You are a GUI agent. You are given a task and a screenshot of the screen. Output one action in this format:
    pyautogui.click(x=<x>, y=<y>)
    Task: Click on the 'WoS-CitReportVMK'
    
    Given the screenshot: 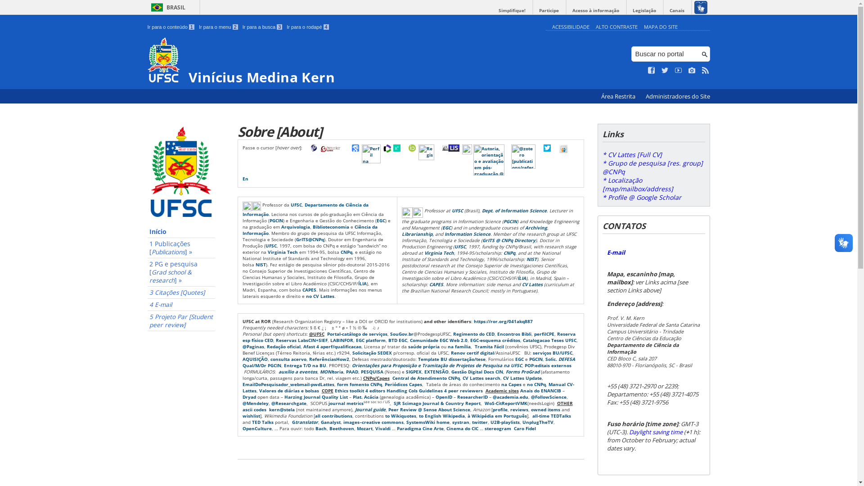 What is the action you would take?
    pyautogui.click(x=505, y=402)
    